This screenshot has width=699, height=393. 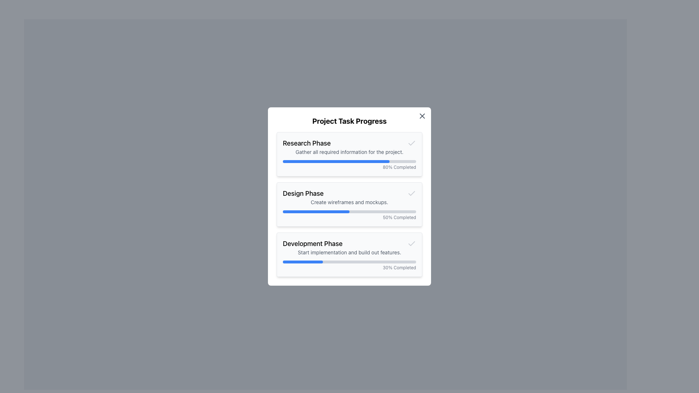 What do you see at coordinates (349, 262) in the screenshot?
I see `the progress bar that visually represents the completion percentage for the 'Development Phase' task, located below the descriptive text 'Start implementation and build out features.' and above the text '30% Completed'` at bounding box center [349, 262].